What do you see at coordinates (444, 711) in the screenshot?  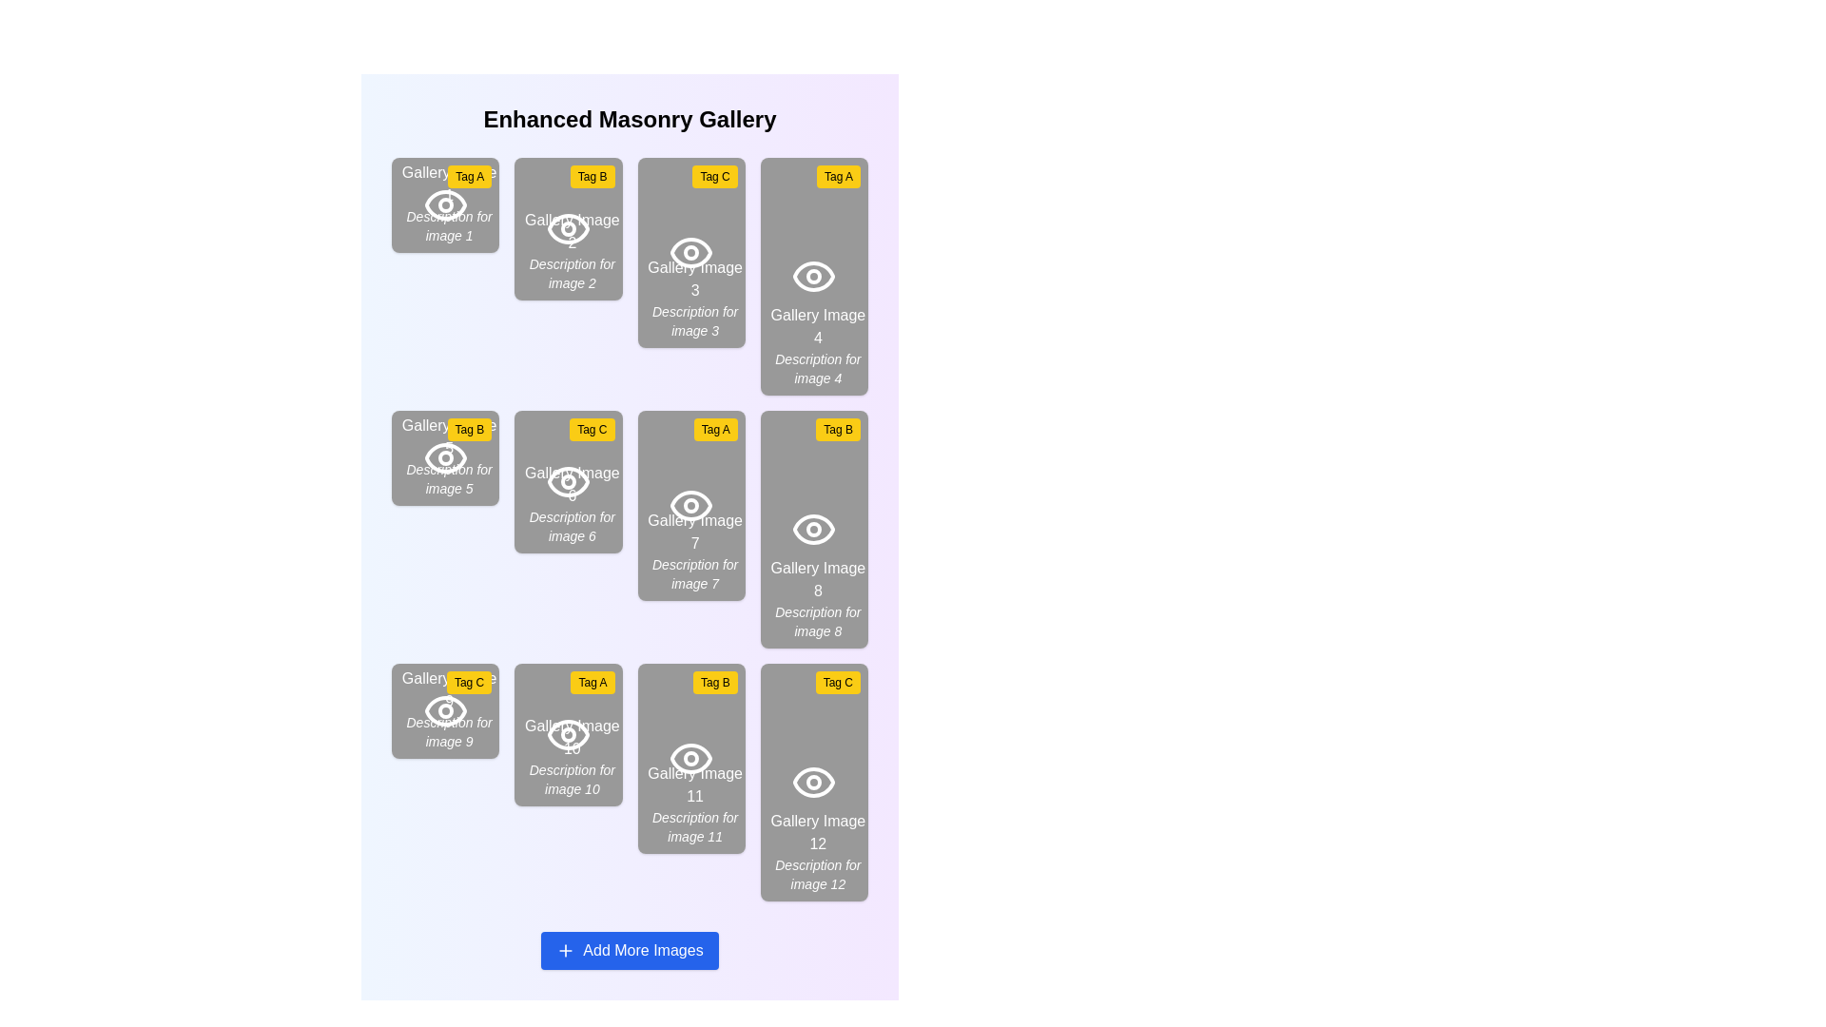 I see `the eye icon located at the center of the gray card labeled 'Tag C' in 'Gallery Image 9'` at bounding box center [444, 711].